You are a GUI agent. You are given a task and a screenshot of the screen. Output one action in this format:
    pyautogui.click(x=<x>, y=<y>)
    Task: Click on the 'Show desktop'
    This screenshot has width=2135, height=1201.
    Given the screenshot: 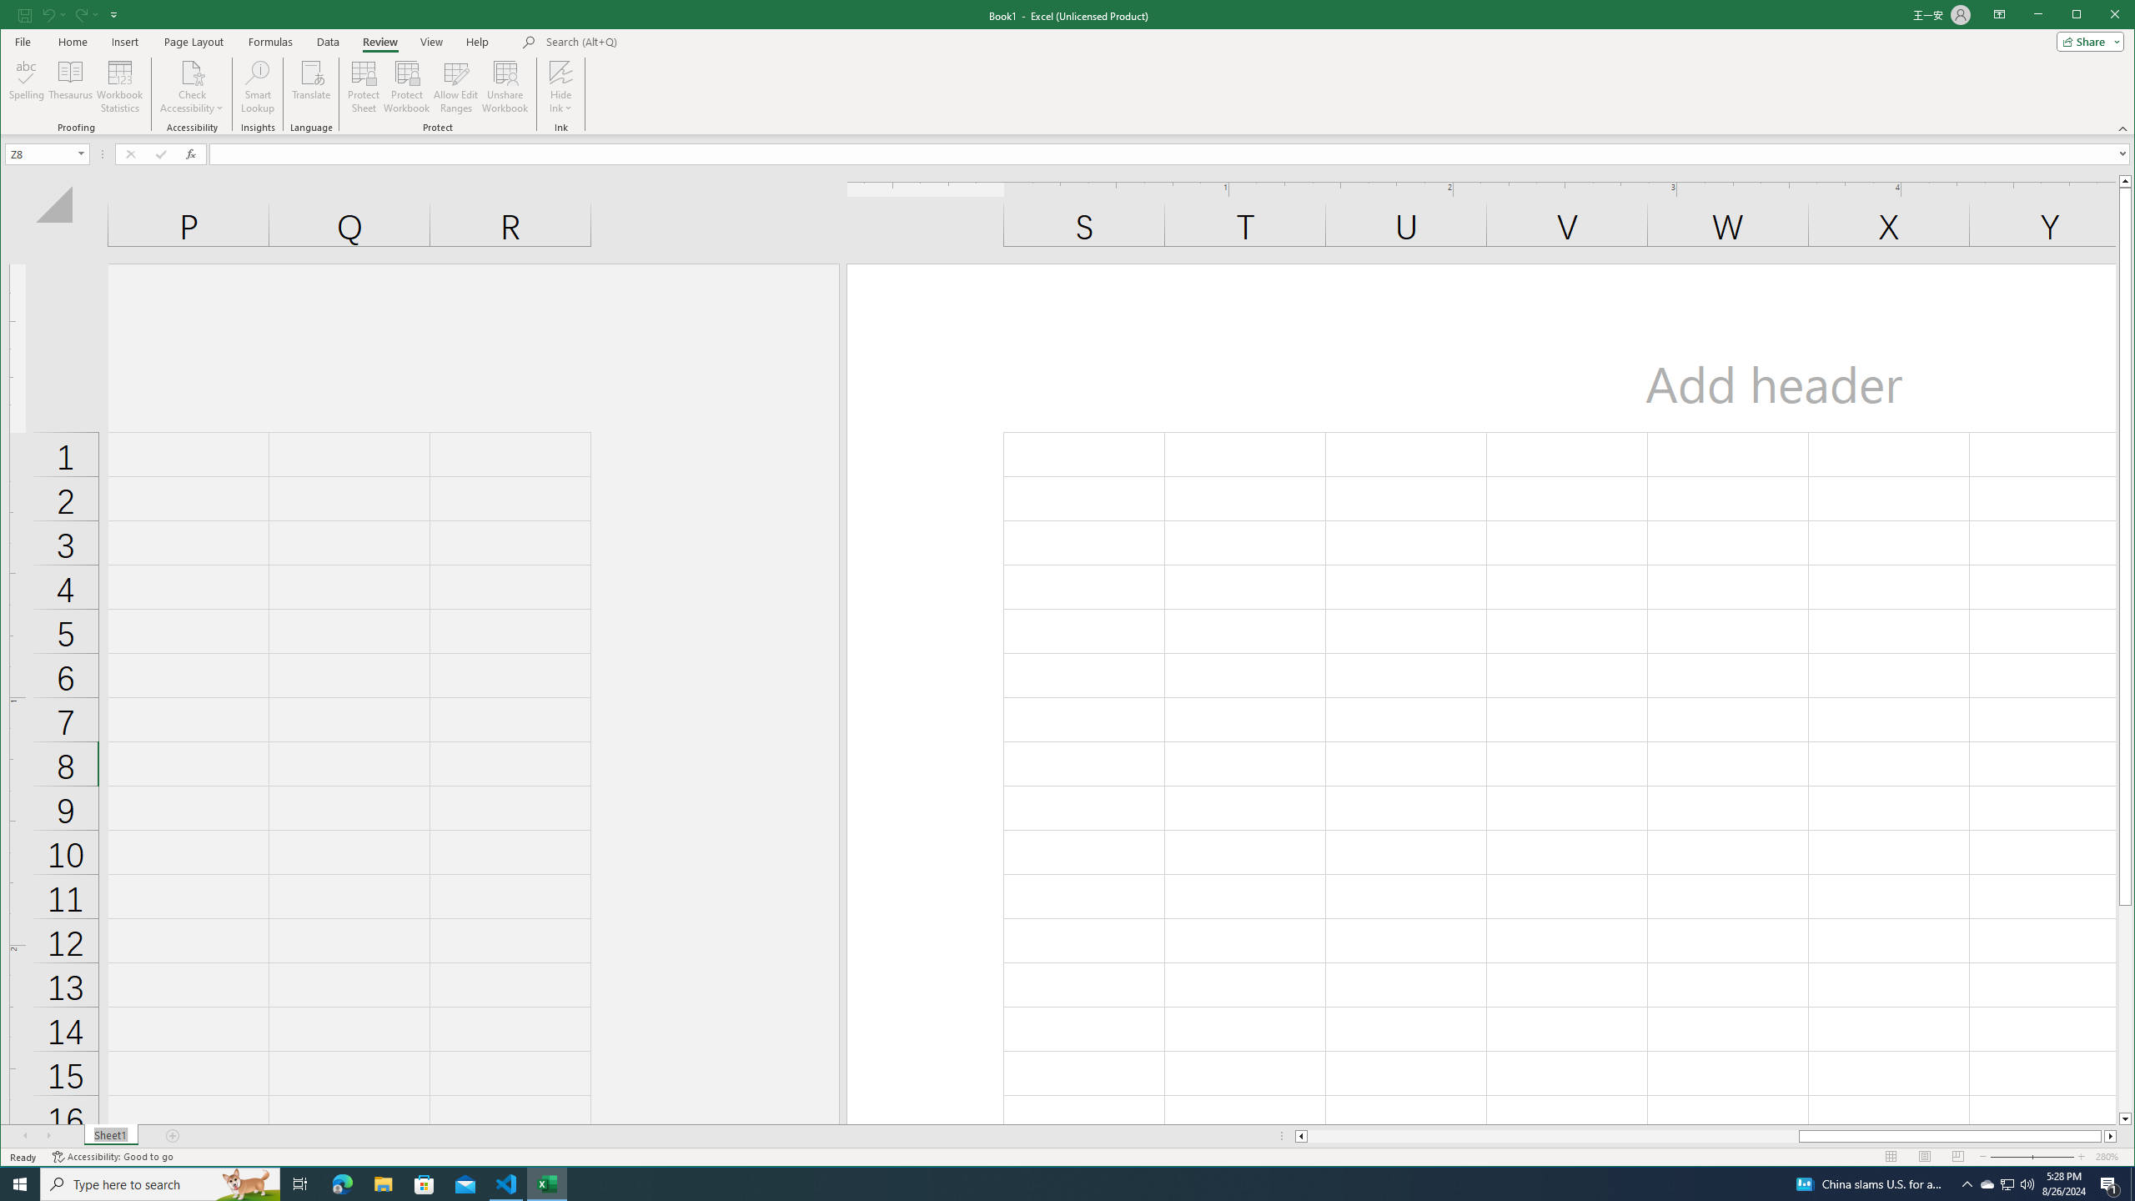 What is the action you would take?
    pyautogui.click(x=2132, y=1183)
    